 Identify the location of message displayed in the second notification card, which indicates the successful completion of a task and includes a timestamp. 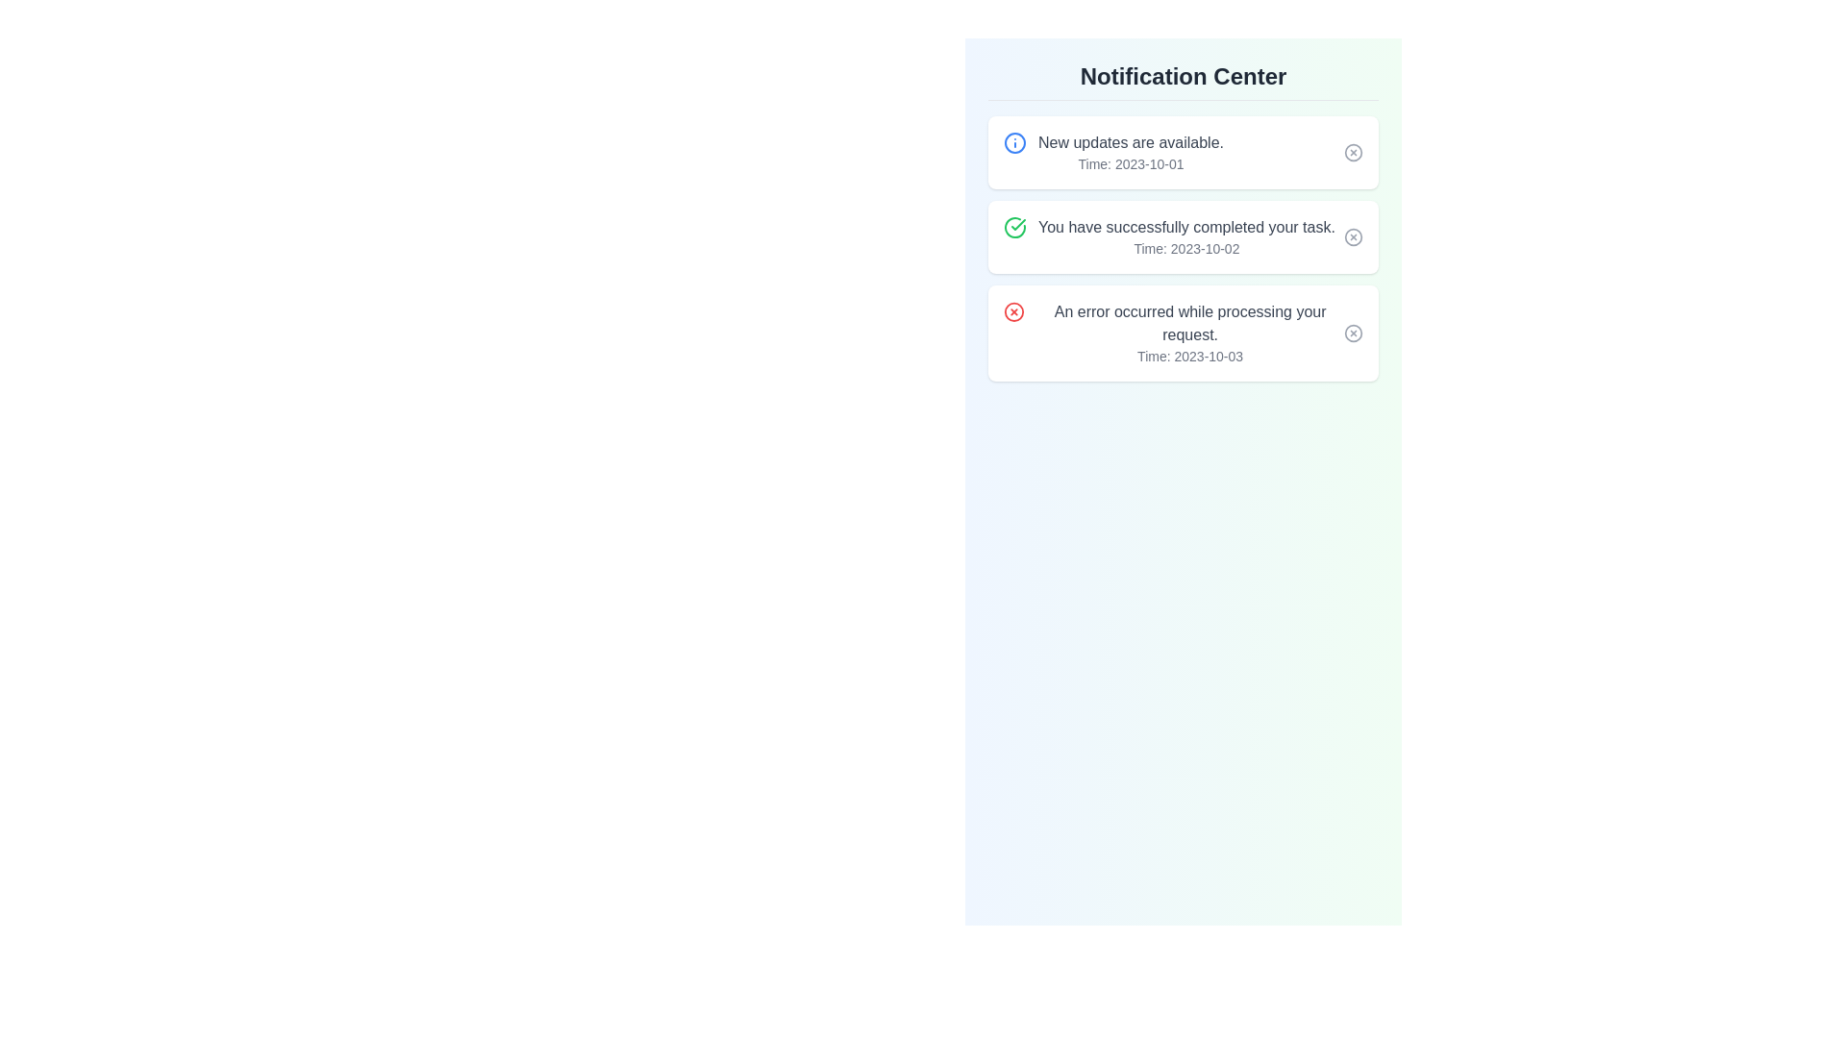
(1185, 235).